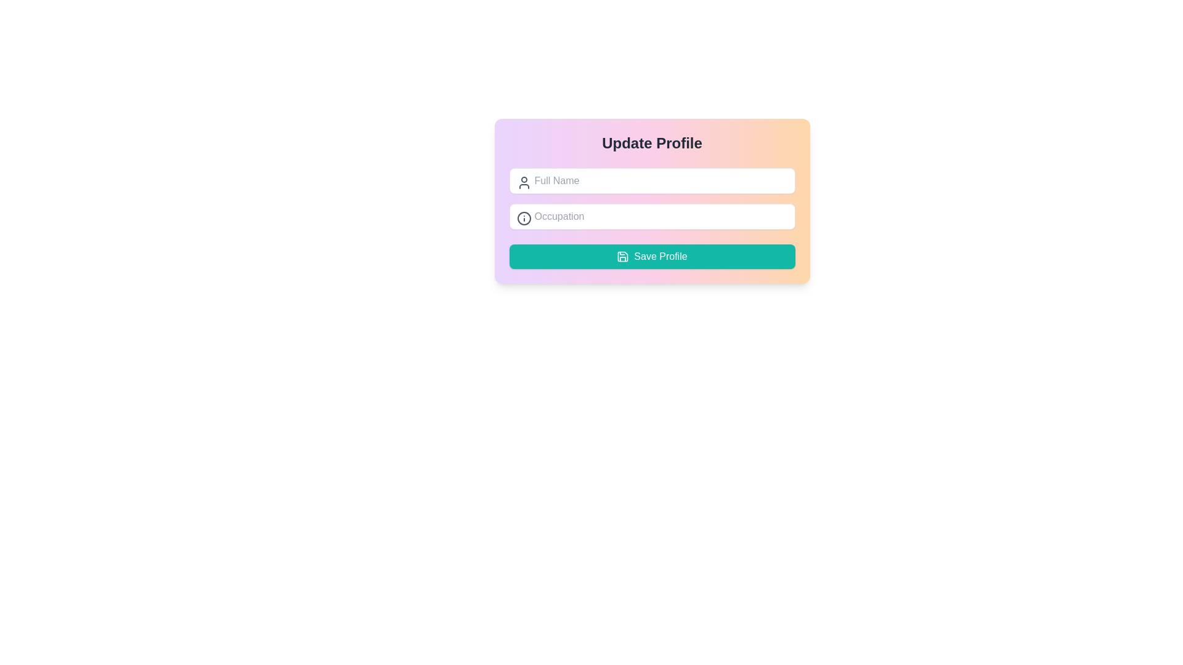 The image size is (1183, 665). Describe the element at coordinates (651, 256) in the screenshot. I see `the save button located at the bottom of the card-like section` at that location.